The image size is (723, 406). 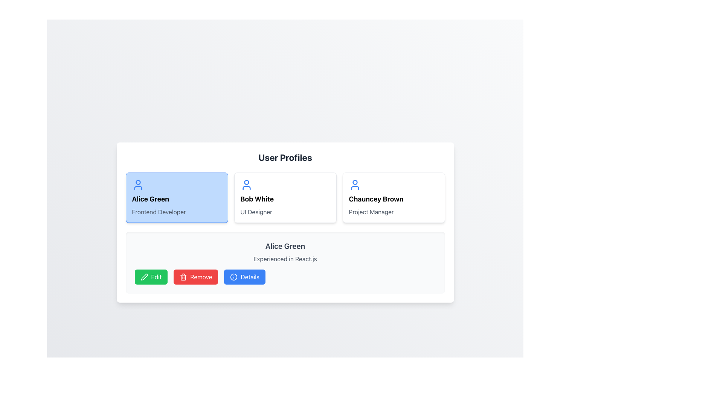 What do you see at coordinates (245, 277) in the screenshot?
I see `the third button in the user profile section` at bounding box center [245, 277].